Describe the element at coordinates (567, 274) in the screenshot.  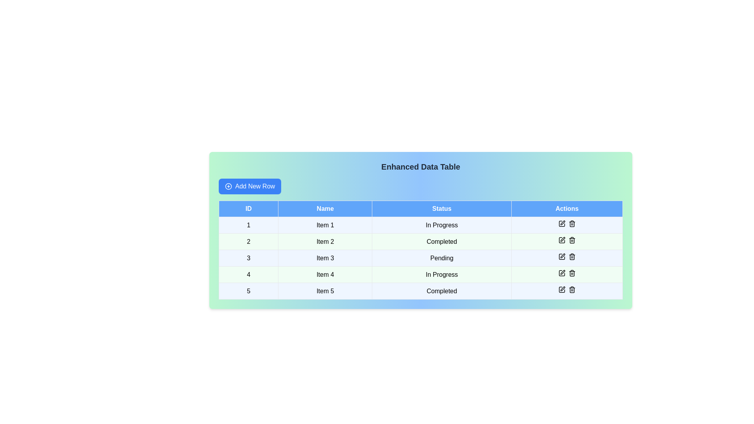
I see `the delete icon in the 'Actions' column of the table for 'Item 4' with status 'In Progress'` at that location.